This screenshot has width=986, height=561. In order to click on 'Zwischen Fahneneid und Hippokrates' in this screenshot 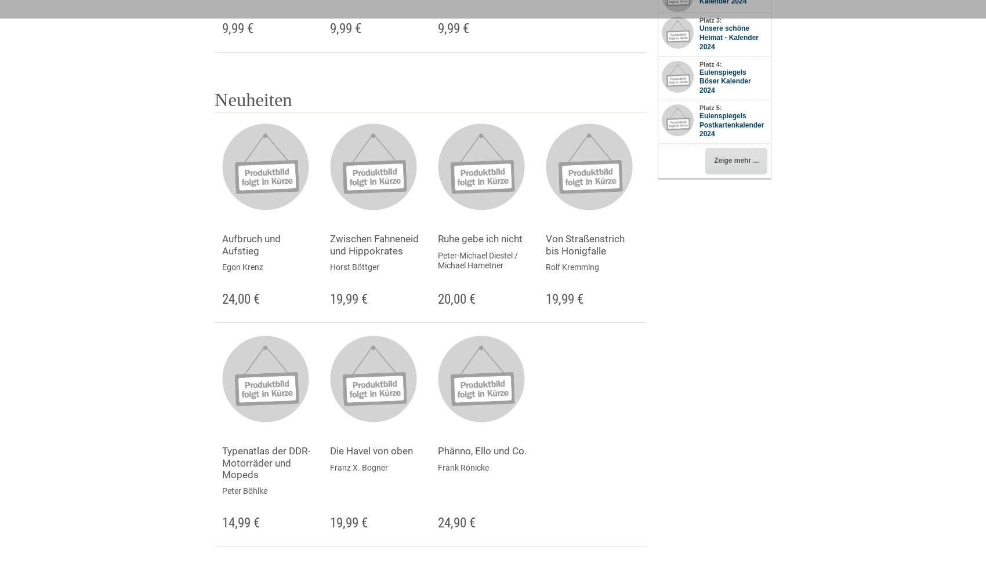, I will do `click(374, 245)`.